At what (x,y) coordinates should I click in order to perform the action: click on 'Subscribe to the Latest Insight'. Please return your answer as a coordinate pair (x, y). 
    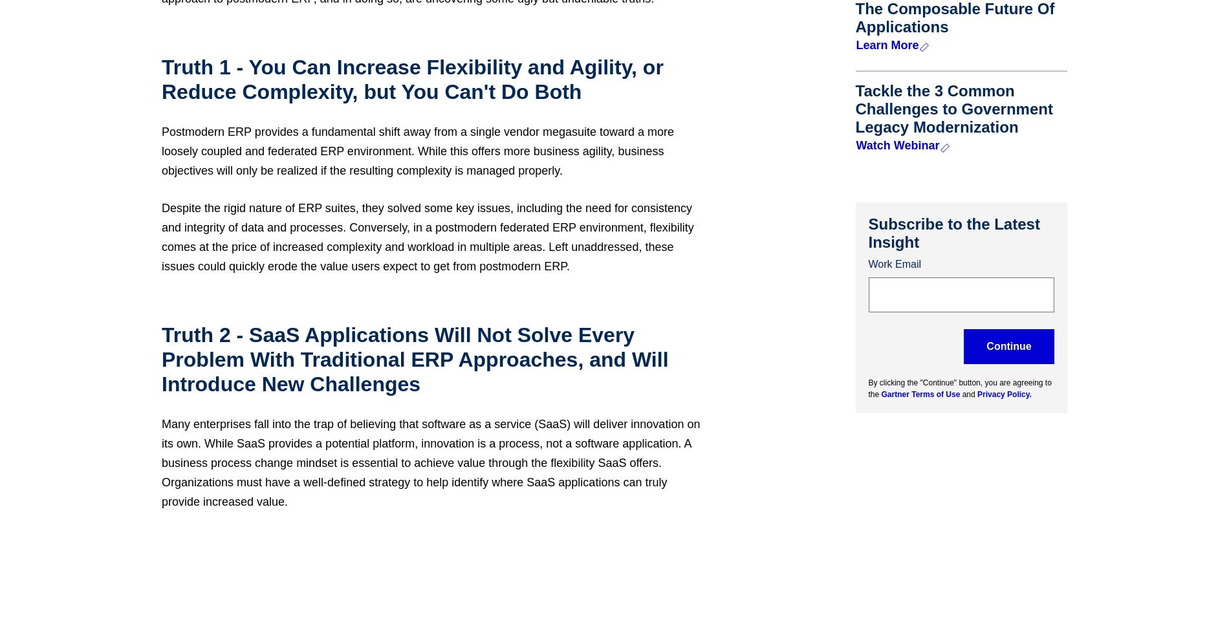
    Looking at the image, I should click on (953, 232).